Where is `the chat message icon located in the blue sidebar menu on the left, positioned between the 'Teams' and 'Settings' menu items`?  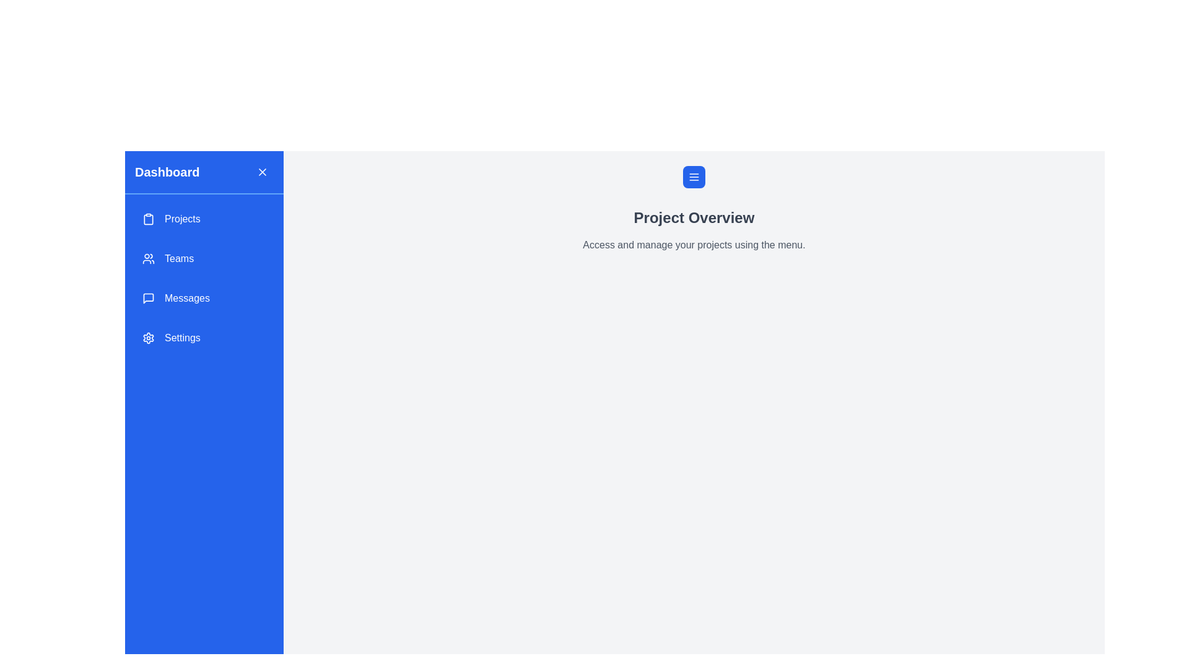 the chat message icon located in the blue sidebar menu on the left, positioned between the 'Teams' and 'Settings' menu items is located at coordinates (149, 299).